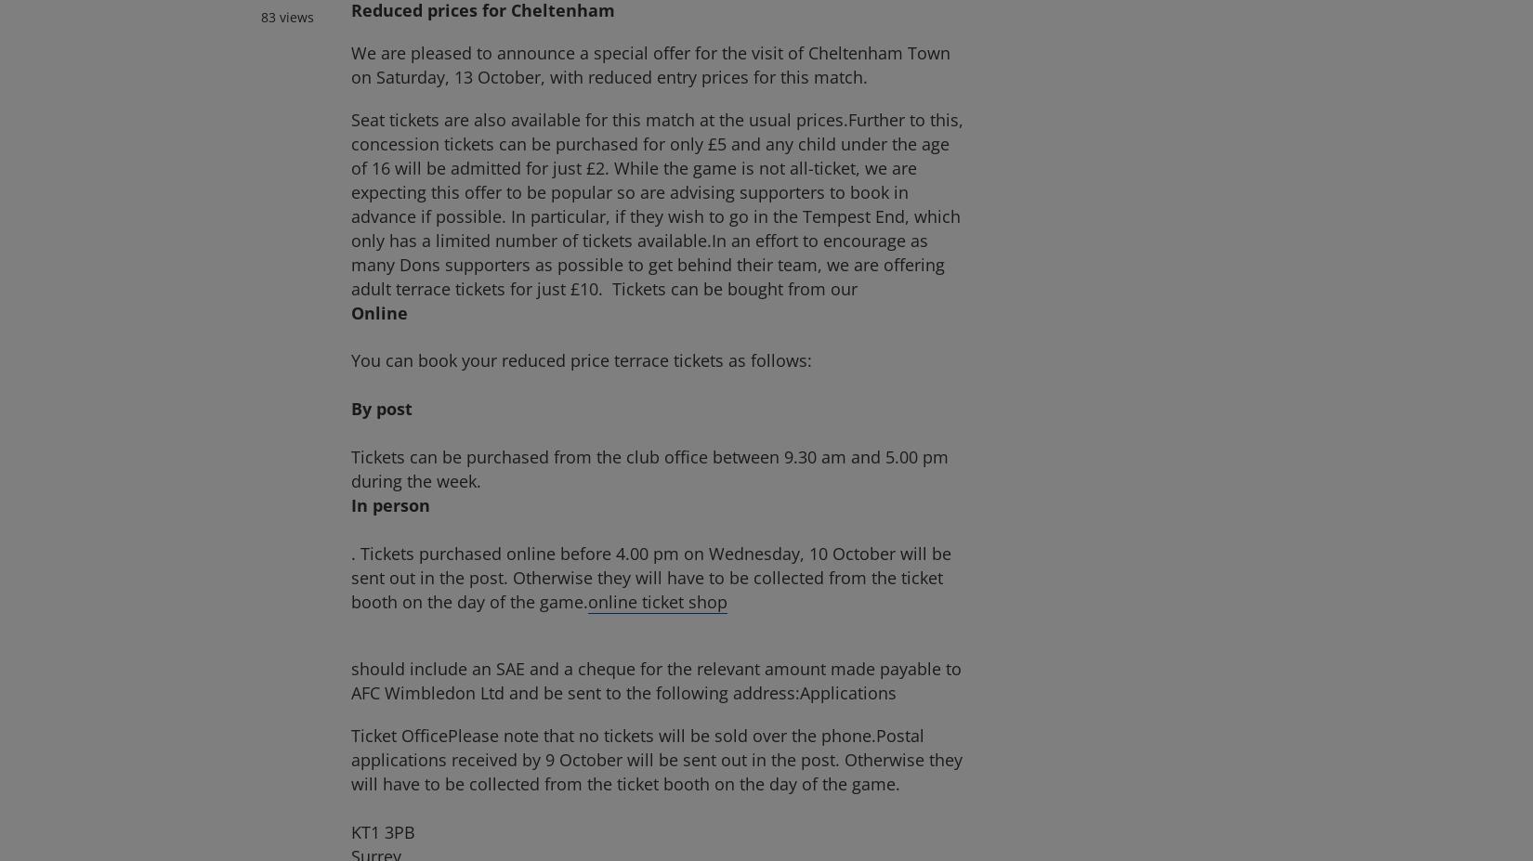 This screenshot has height=861, width=1533. I want to click on 'We are pleased to announce a special offer for the visit of Cheltenham Town on Saturday, 13 October, with reduced entry prices for this match.', so click(649, 62).